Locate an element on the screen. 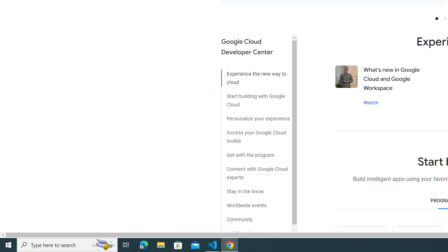  'Start building with Google Cloud' is located at coordinates (256, 98).